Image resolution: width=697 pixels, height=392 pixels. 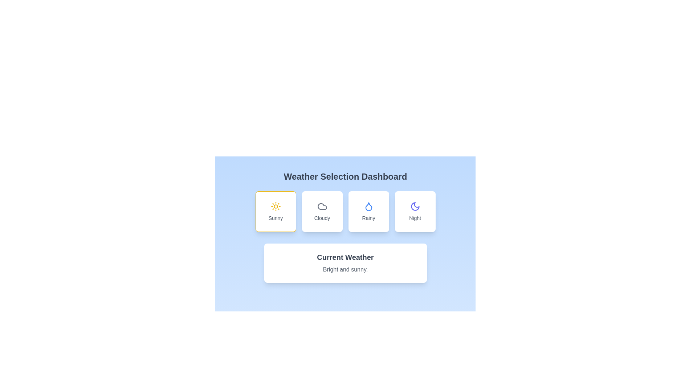 I want to click on central circular part of the 'Sunny' icon in the weather selection dashboard for its styling or dimensions, so click(x=275, y=207).